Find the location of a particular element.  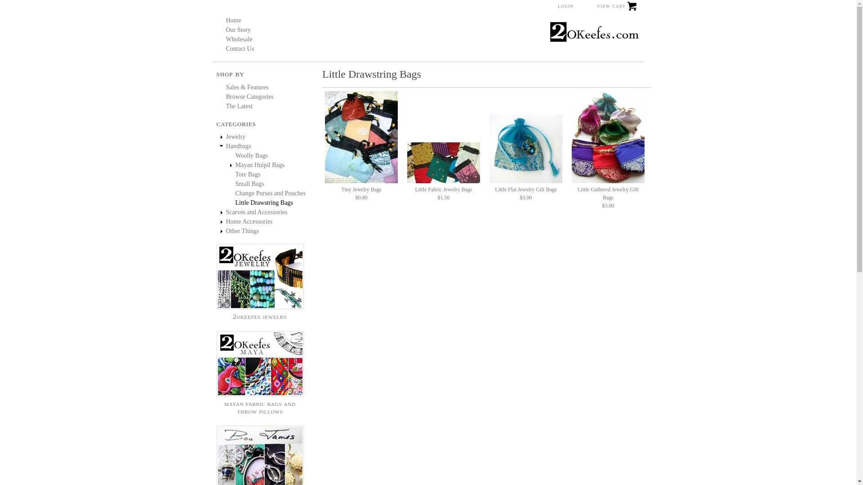

'Wholesale' is located at coordinates (239, 39).